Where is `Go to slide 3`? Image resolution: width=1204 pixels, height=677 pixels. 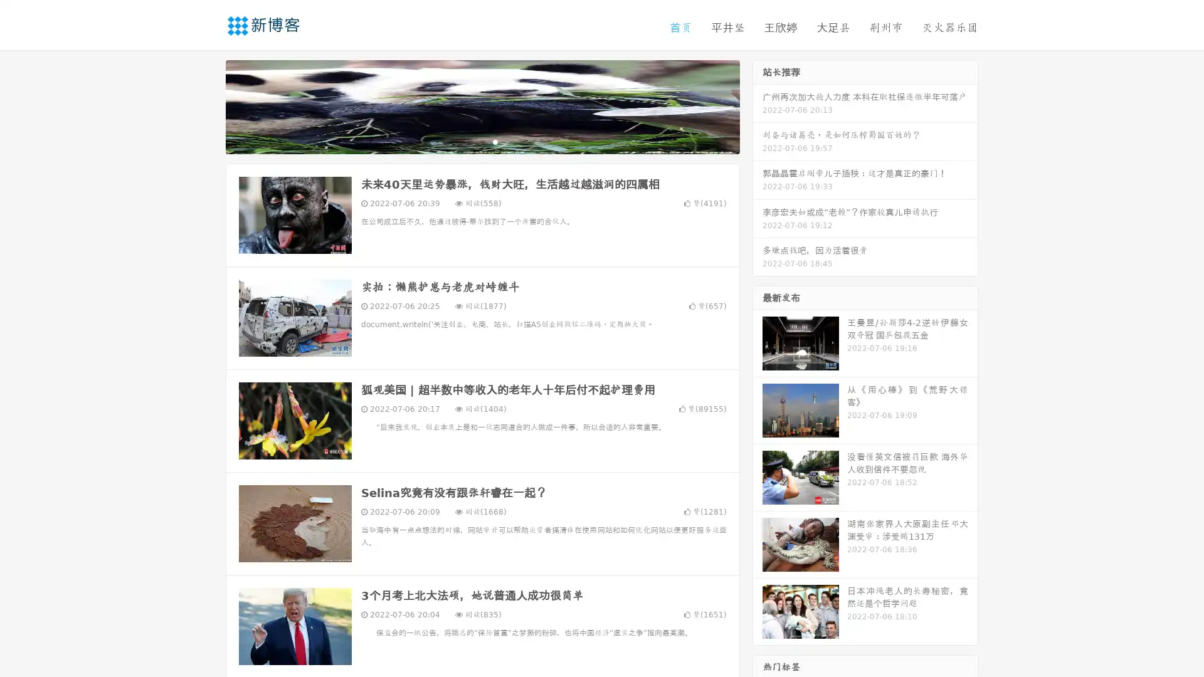
Go to slide 3 is located at coordinates (495, 141).